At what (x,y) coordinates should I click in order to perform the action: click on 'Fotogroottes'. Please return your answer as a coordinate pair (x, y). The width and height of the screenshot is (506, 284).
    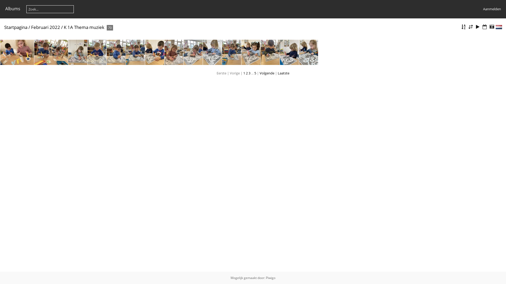
    Looking at the image, I should click on (470, 27).